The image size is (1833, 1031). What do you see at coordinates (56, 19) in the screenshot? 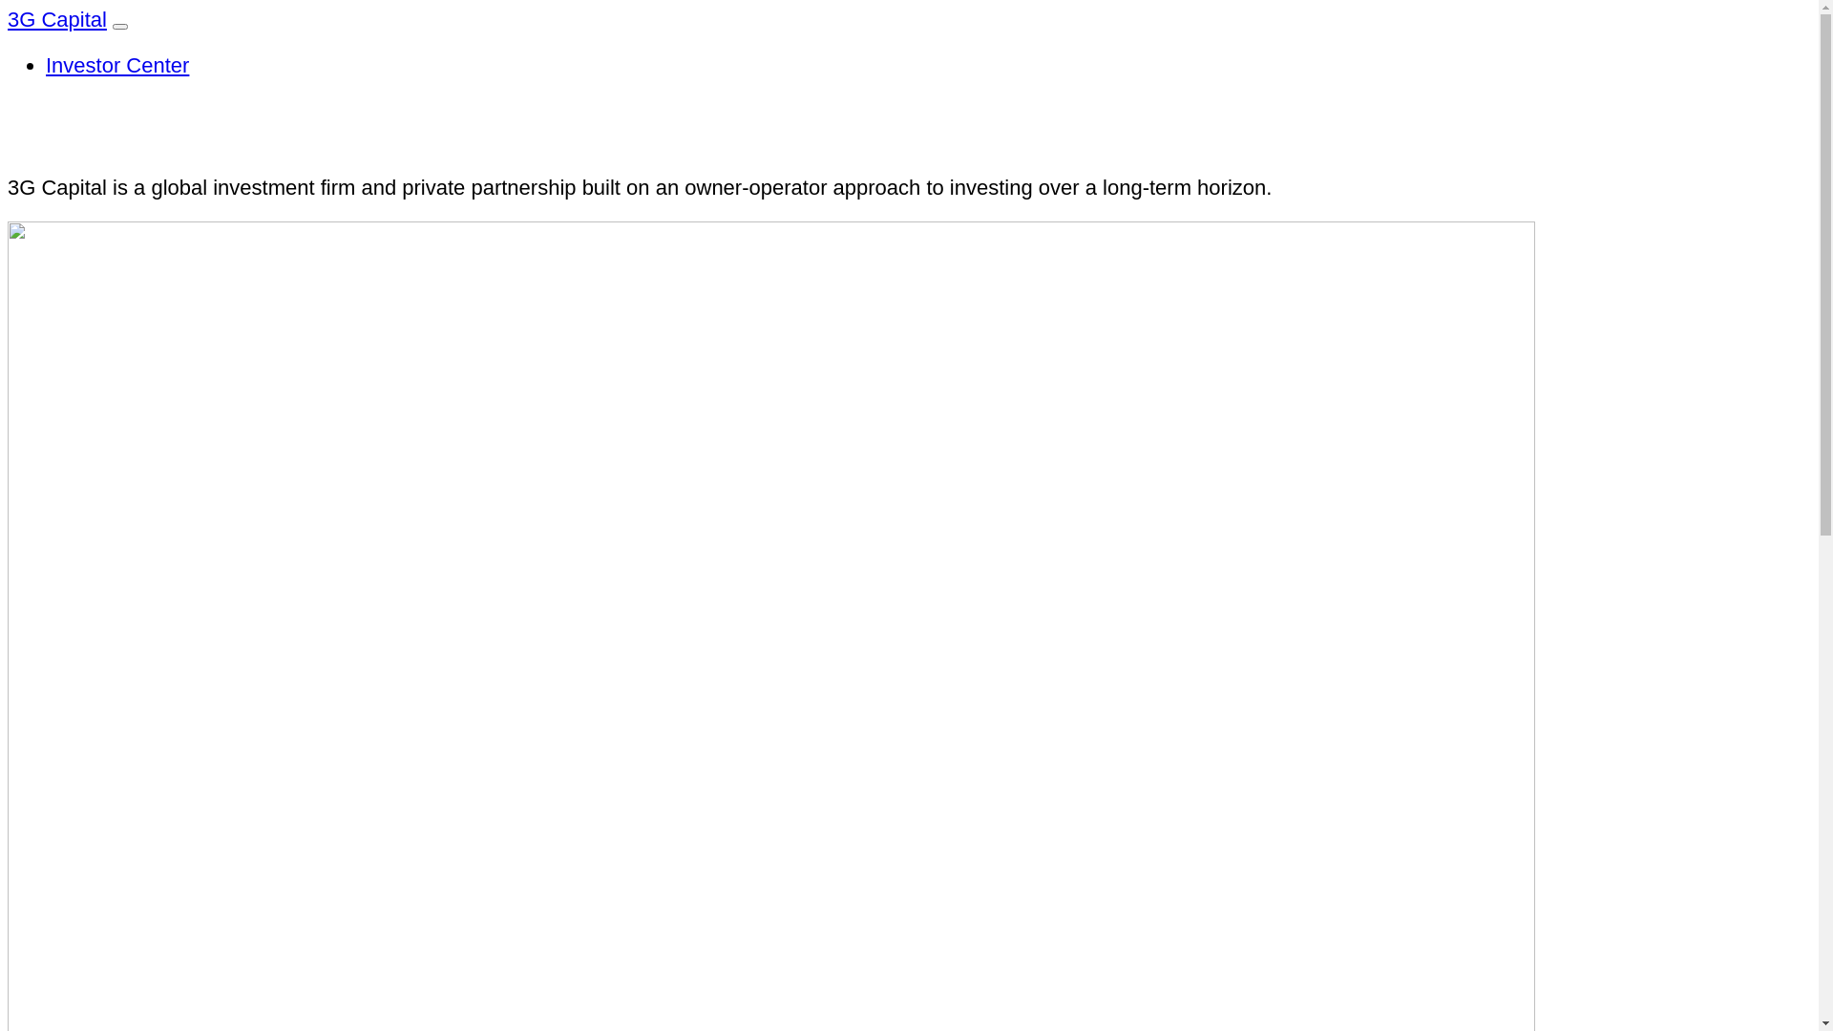
I see `'3G Capital'` at bounding box center [56, 19].